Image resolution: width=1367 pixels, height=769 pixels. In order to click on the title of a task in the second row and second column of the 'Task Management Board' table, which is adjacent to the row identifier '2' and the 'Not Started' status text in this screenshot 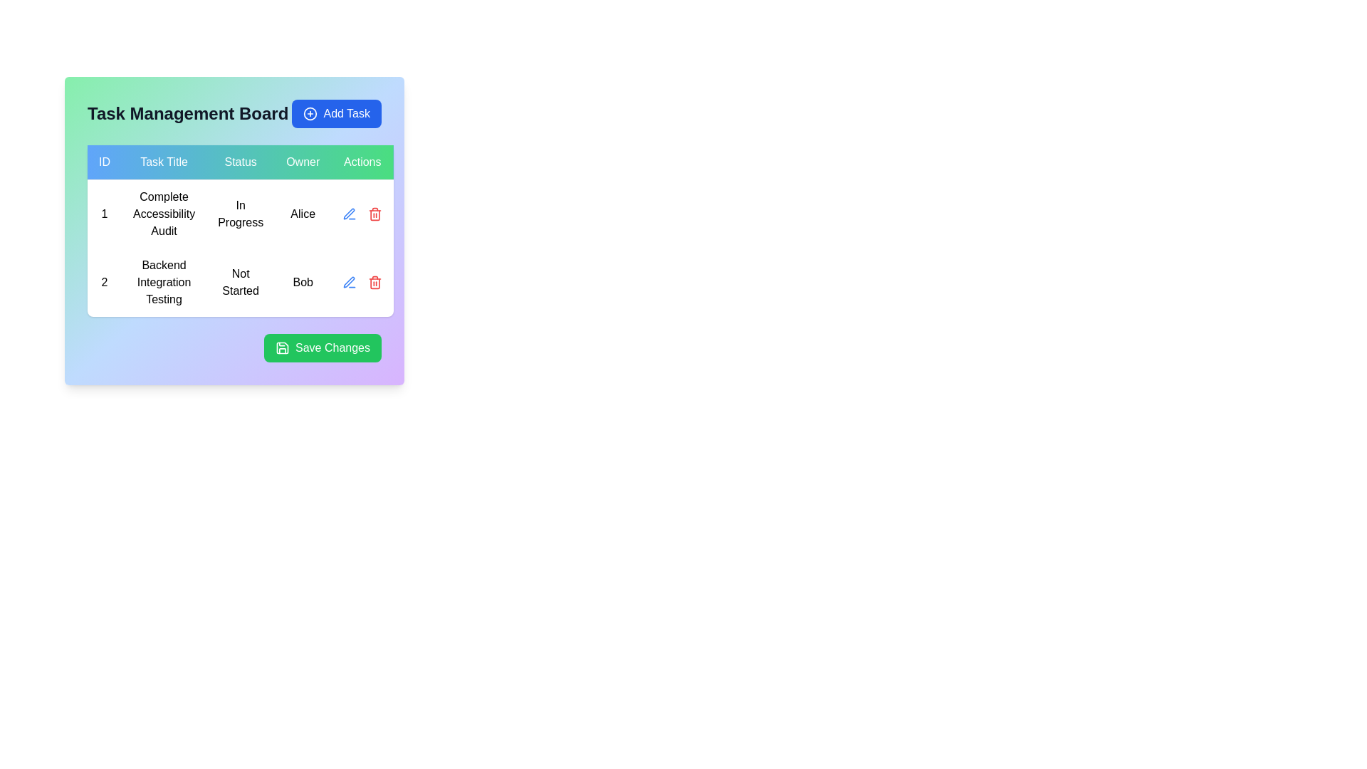, I will do `click(164, 283)`.